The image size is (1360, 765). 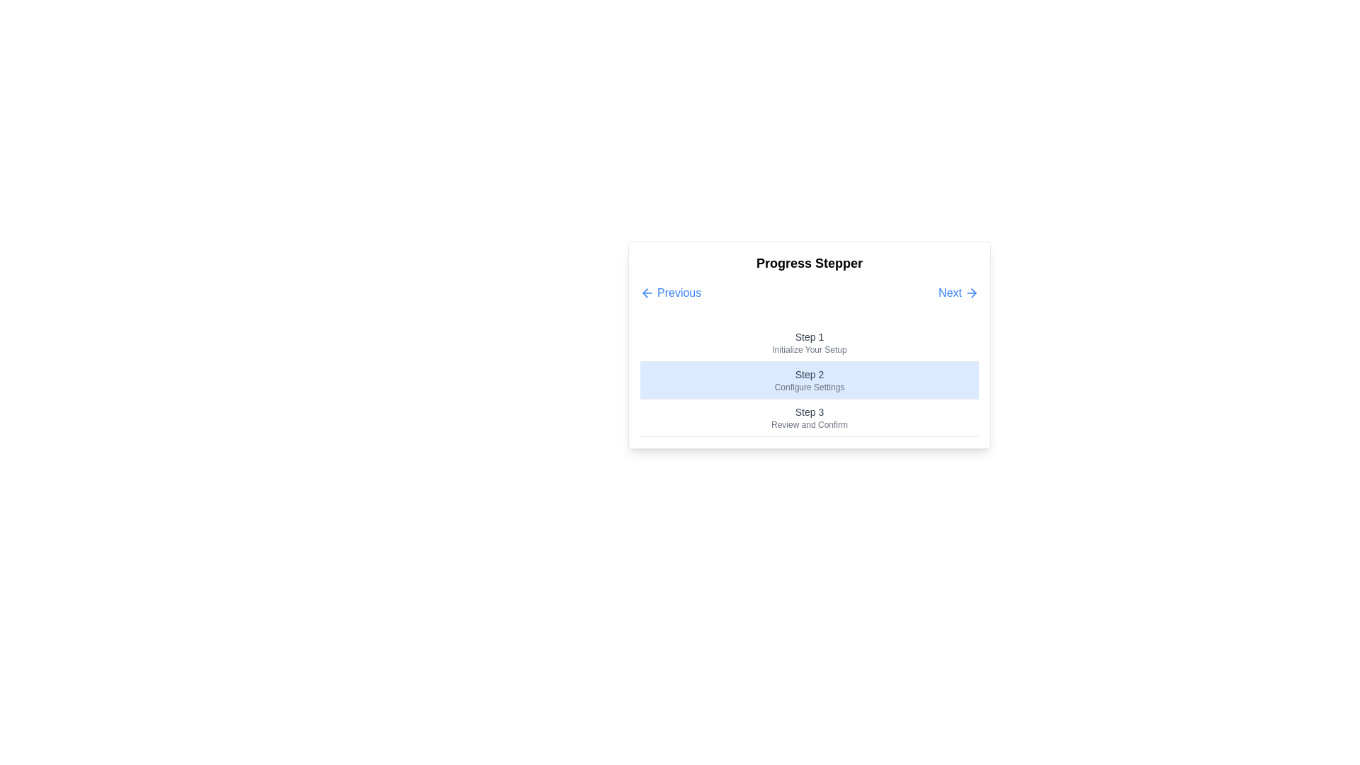 What do you see at coordinates (645, 292) in the screenshot?
I see `the back navigation icon located to the left of the 'Previous' text link in the progress stepper interface` at bounding box center [645, 292].